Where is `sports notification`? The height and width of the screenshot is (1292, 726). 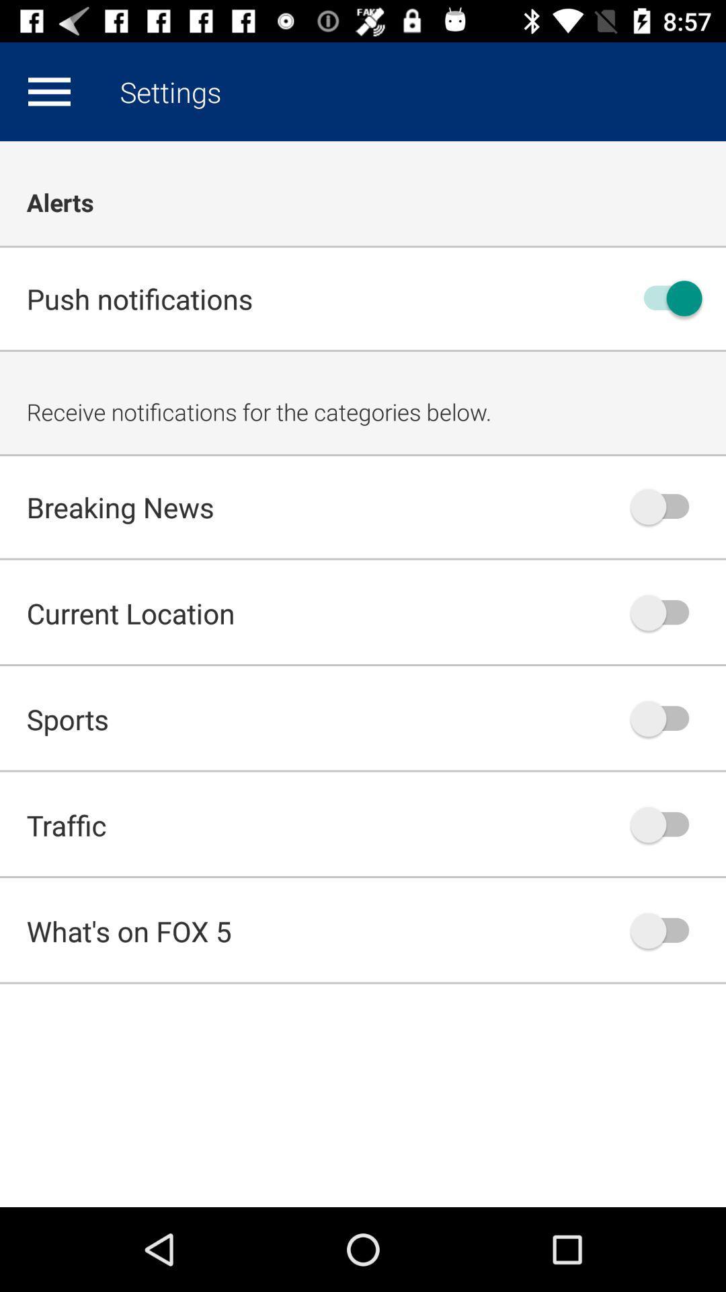
sports notification is located at coordinates (666, 718).